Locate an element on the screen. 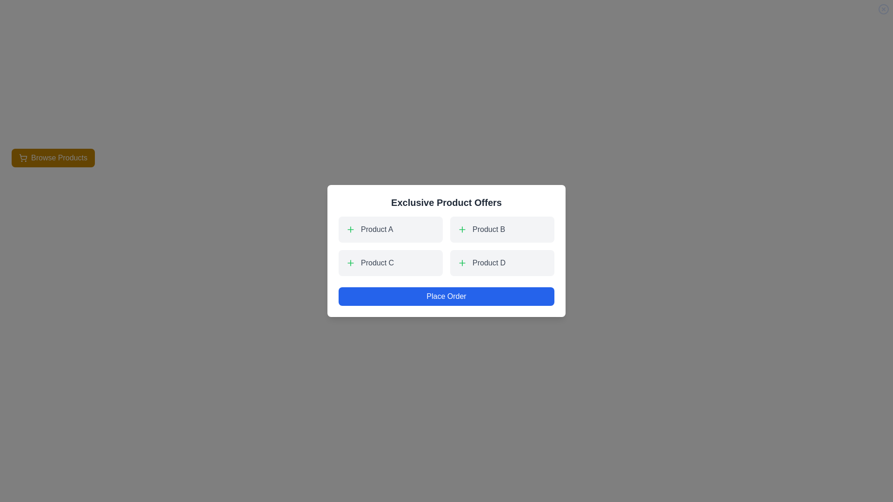 This screenshot has width=893, height=502. the Icon Button located to the left of the text 'Product A' in the 'Exclusive Product Offers' modal is located at coordinates (350, 229).